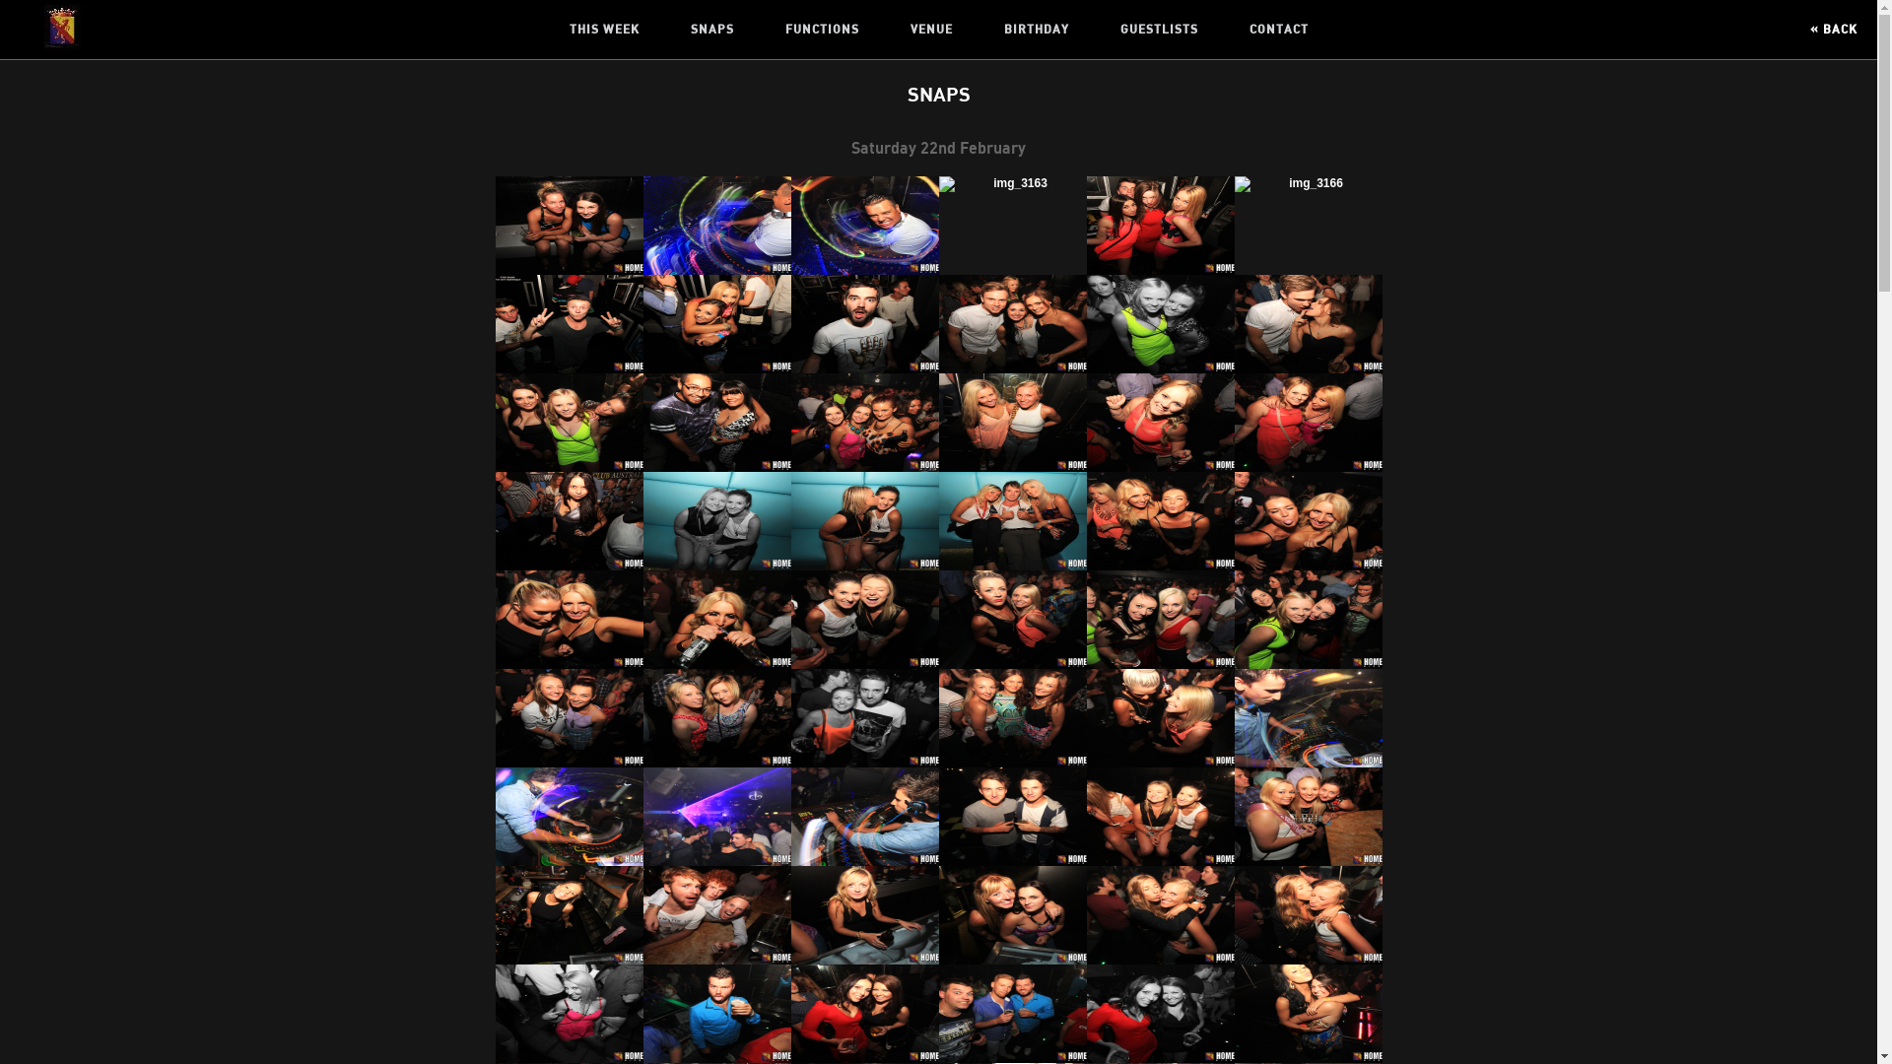  I want to click on ' ', so click(714, 1014).